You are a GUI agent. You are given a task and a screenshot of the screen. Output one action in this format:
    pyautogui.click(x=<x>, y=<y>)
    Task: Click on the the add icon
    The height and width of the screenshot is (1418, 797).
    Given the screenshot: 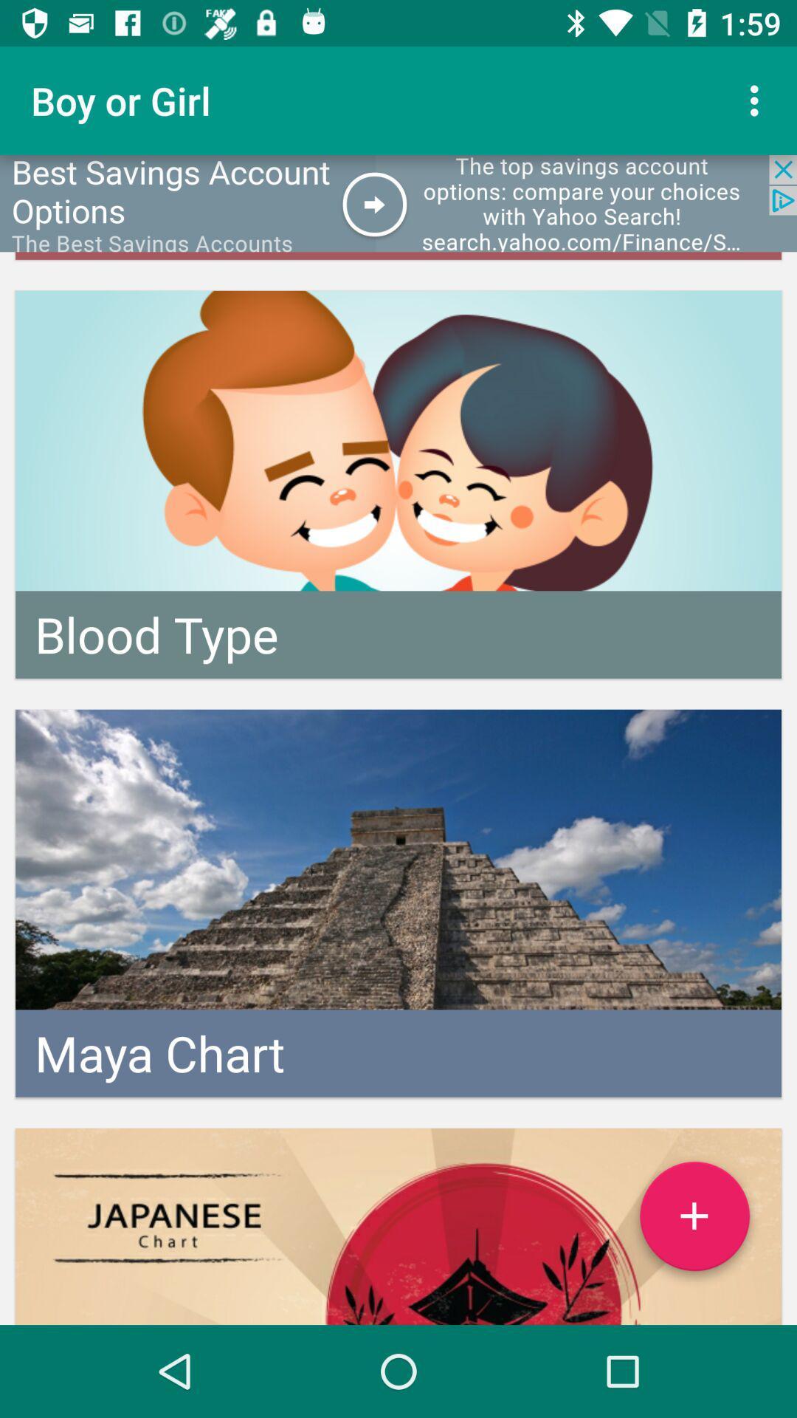 What is the action you would take?
    pyautogui.click(x=694, y=1222)
    